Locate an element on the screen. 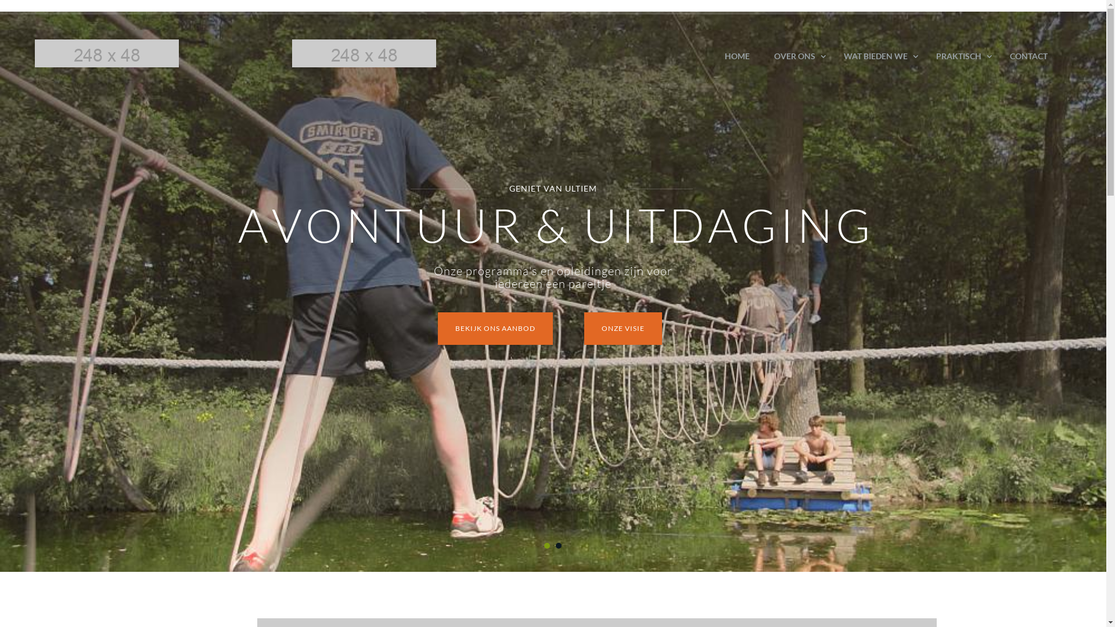 This screenshot has width=1115, height=627. 'WAT BIEDEN WE' is located at coordinates (877, 56).